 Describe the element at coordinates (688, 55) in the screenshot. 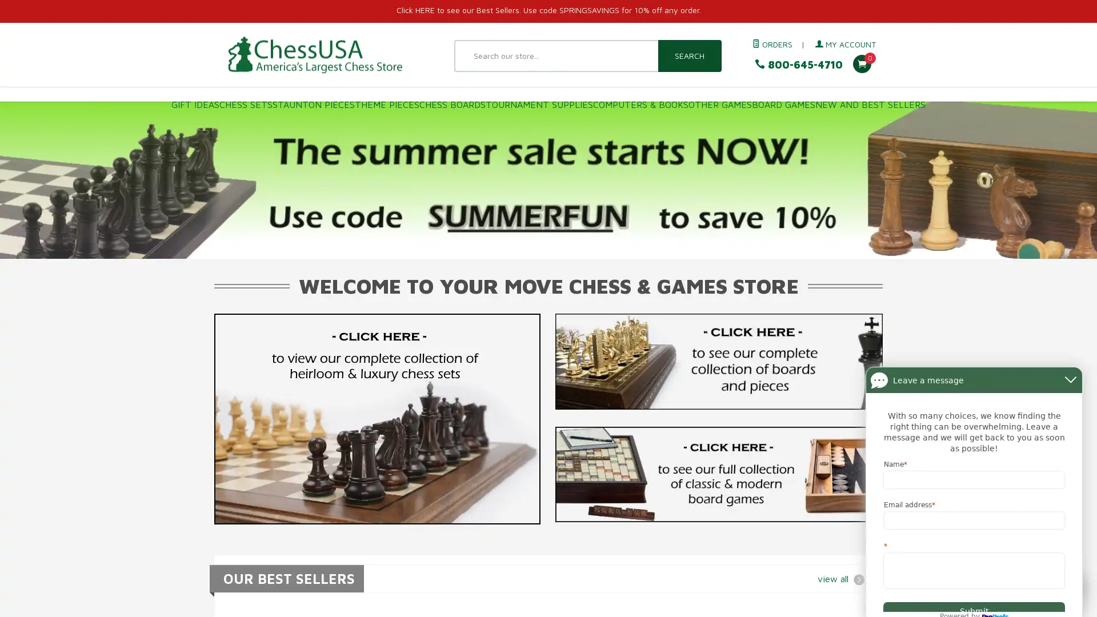

I see `SEARCH` at that location.